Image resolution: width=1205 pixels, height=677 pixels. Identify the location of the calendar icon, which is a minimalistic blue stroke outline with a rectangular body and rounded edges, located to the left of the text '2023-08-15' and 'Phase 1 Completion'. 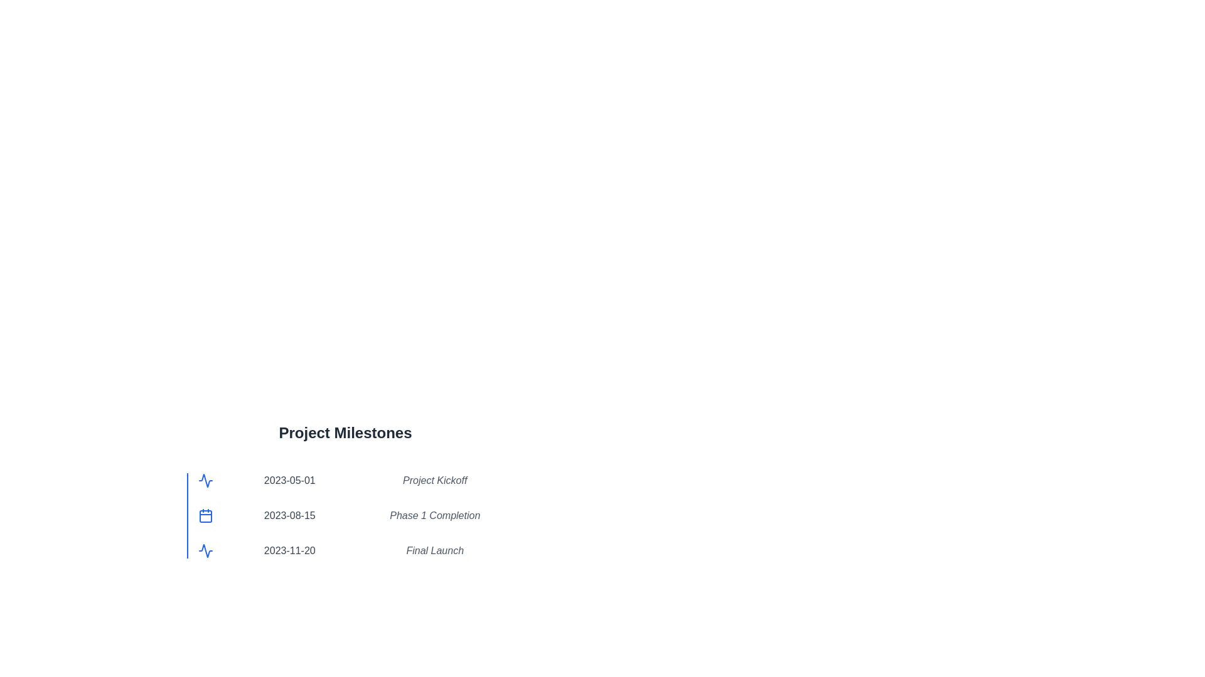
(205, 515).